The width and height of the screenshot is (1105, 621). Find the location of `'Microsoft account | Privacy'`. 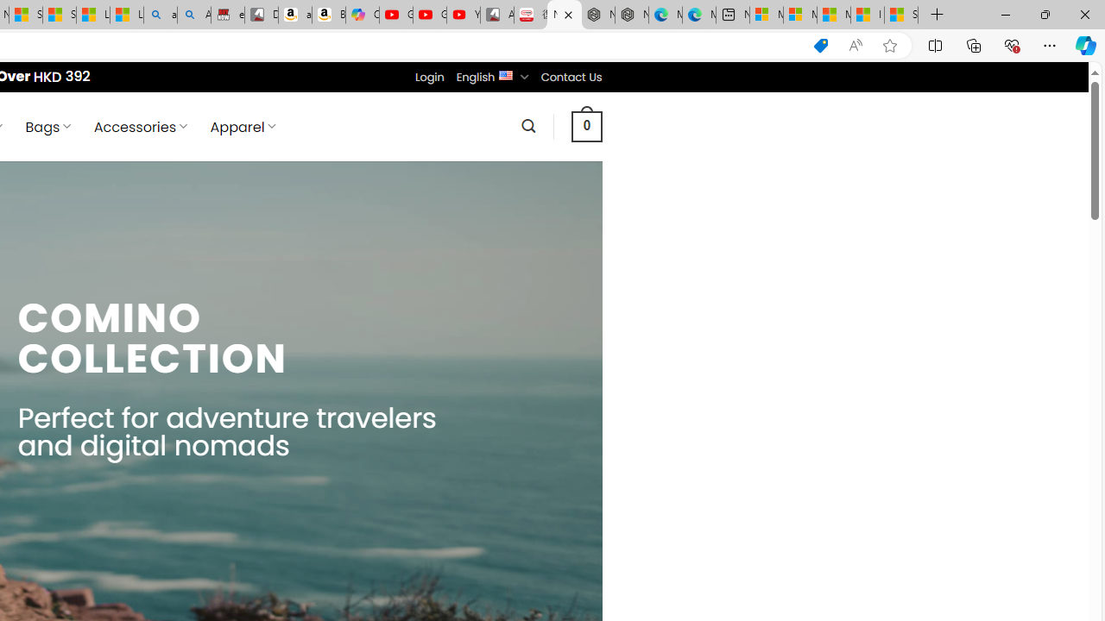

'Microsoft account | Privacy' is located at coordinates (799, 15).